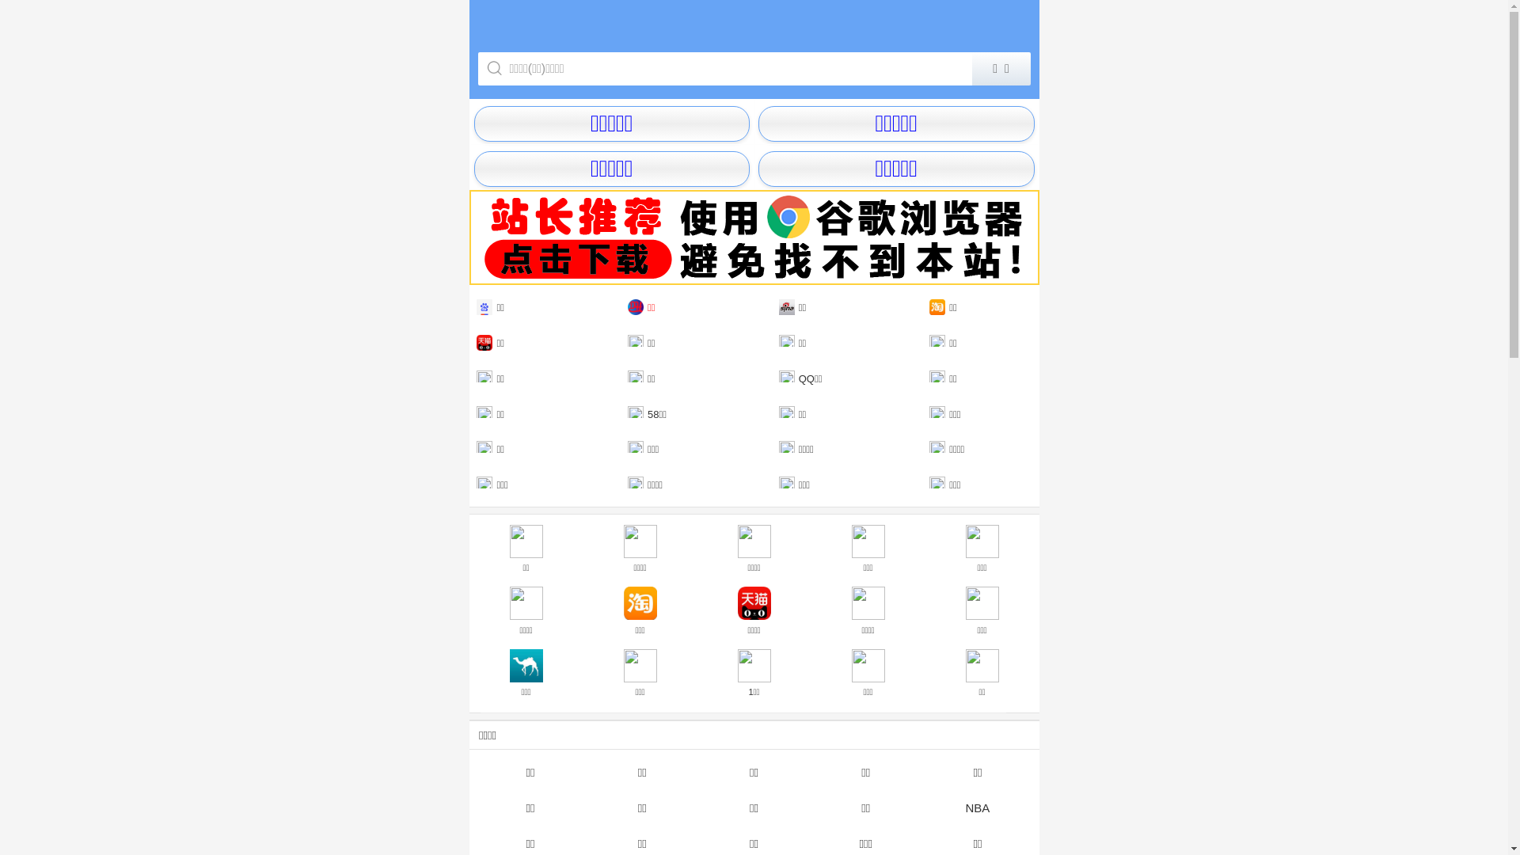 The width and height of the screenshot is (1520, 855). What do you see at coordinates (921, 807) in the screenshot?
I see `'NBA'` at bounding box center [921, 807].